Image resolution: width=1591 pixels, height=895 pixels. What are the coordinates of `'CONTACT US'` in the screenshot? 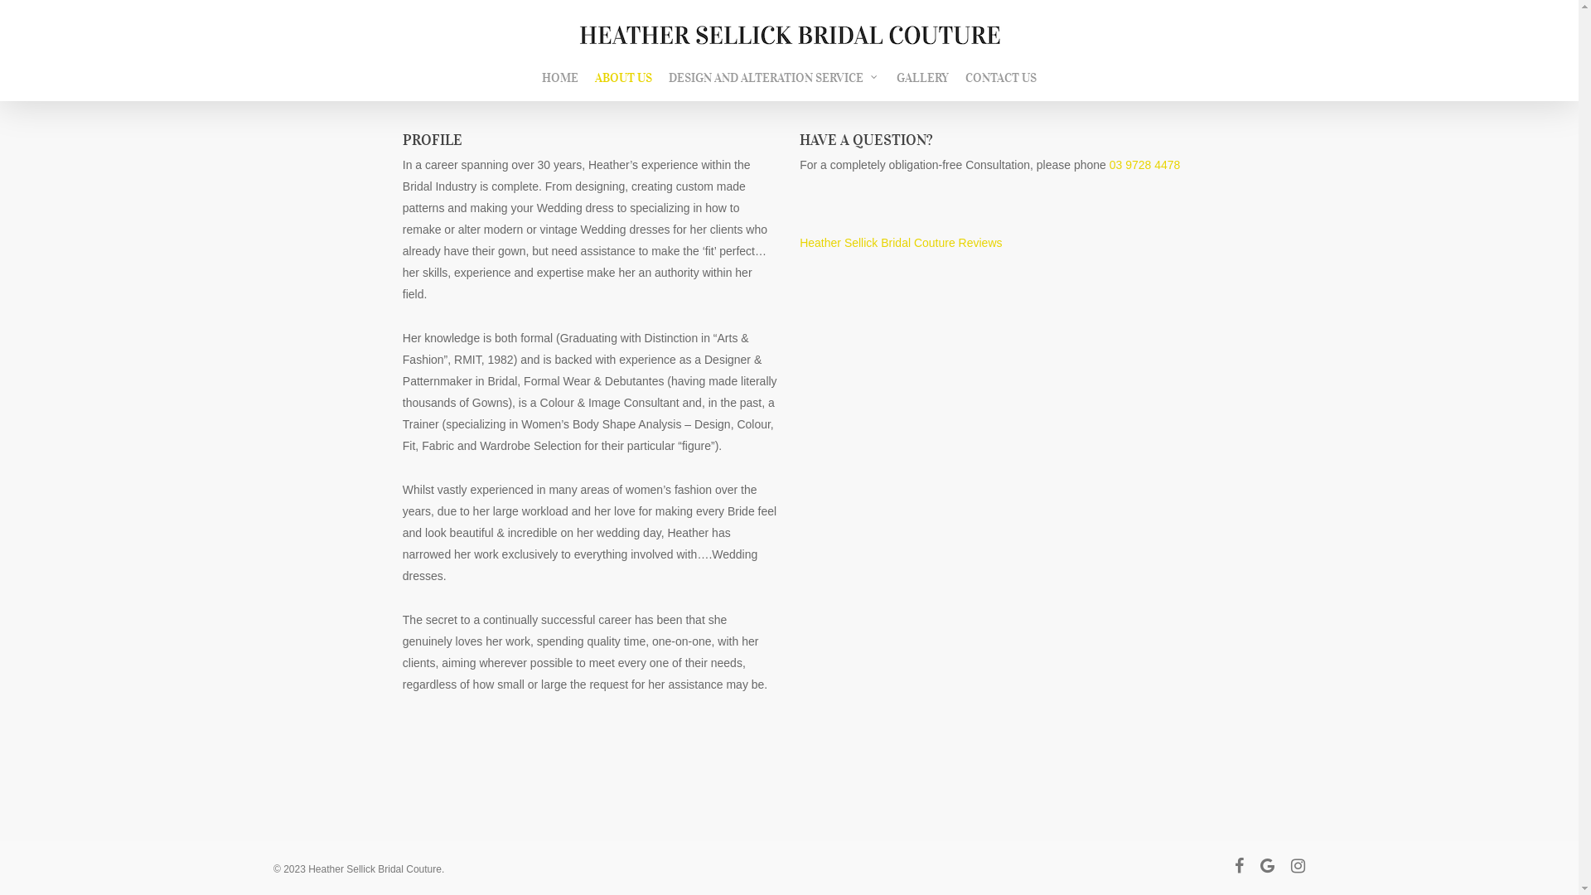 It's located at (957, 86).